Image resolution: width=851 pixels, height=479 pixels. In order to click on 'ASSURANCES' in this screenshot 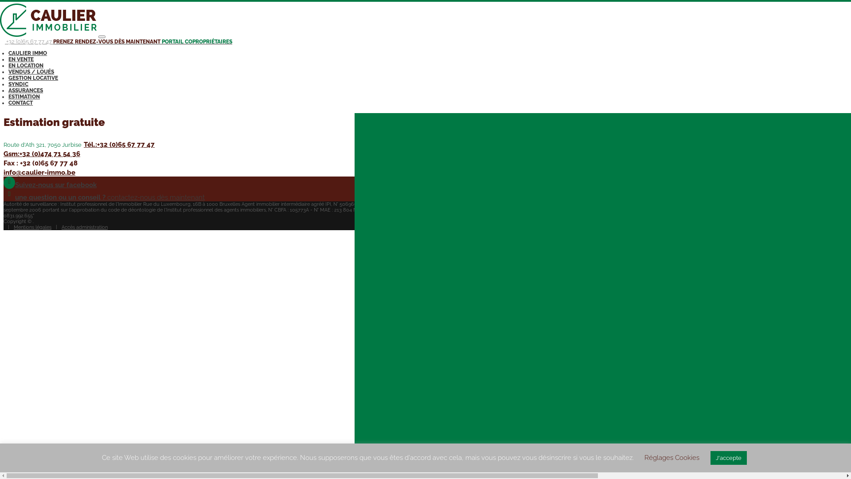, I will do `click(25, 90)`.